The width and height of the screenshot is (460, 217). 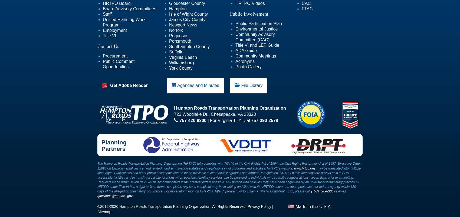 I want to click on 'HRTPO Videos', so click(x=250, y=3).